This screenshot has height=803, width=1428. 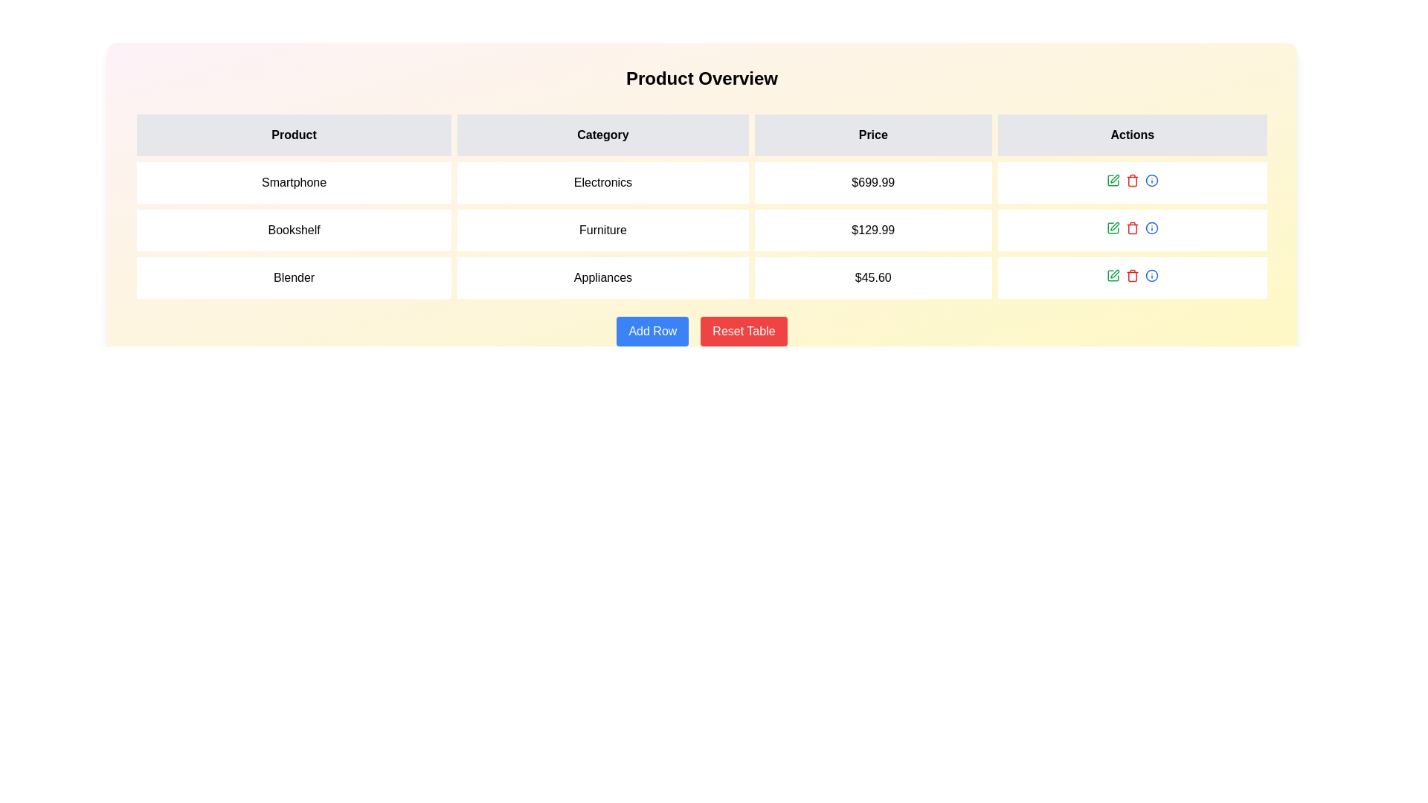 I want to click on the 'Add Row' button located centrally below the table, next to the 'Reset Table' button, to change its appearance, so click(x=652, y=331).